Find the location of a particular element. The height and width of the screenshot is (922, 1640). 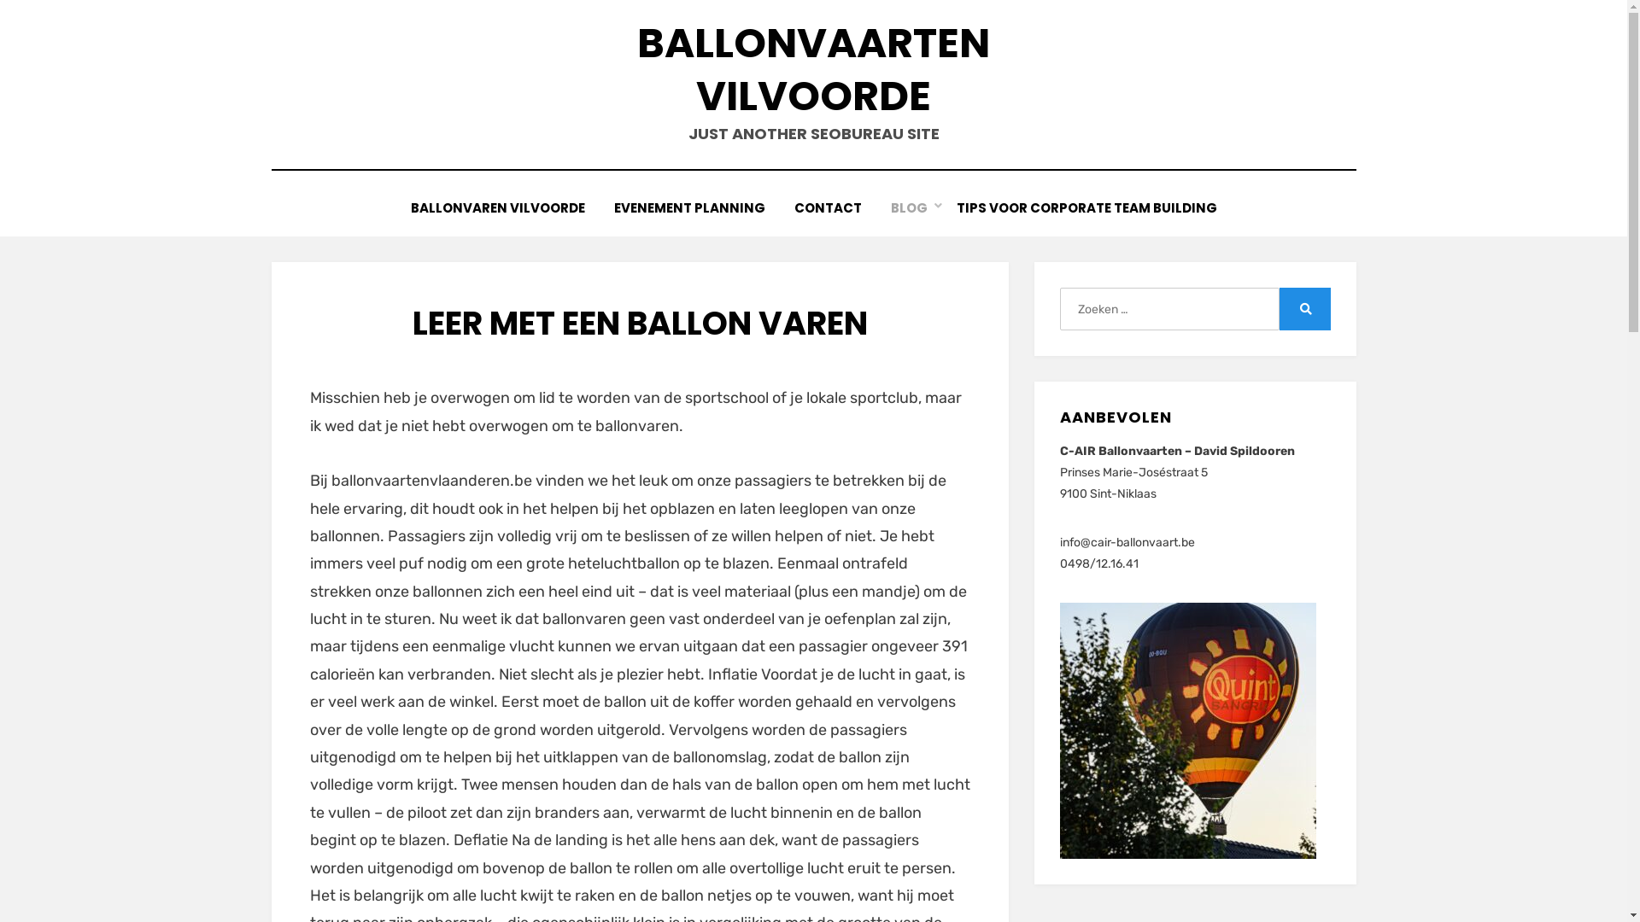

'BALLONVAREN VILVOORDE' is located at coordinates (496, 207).